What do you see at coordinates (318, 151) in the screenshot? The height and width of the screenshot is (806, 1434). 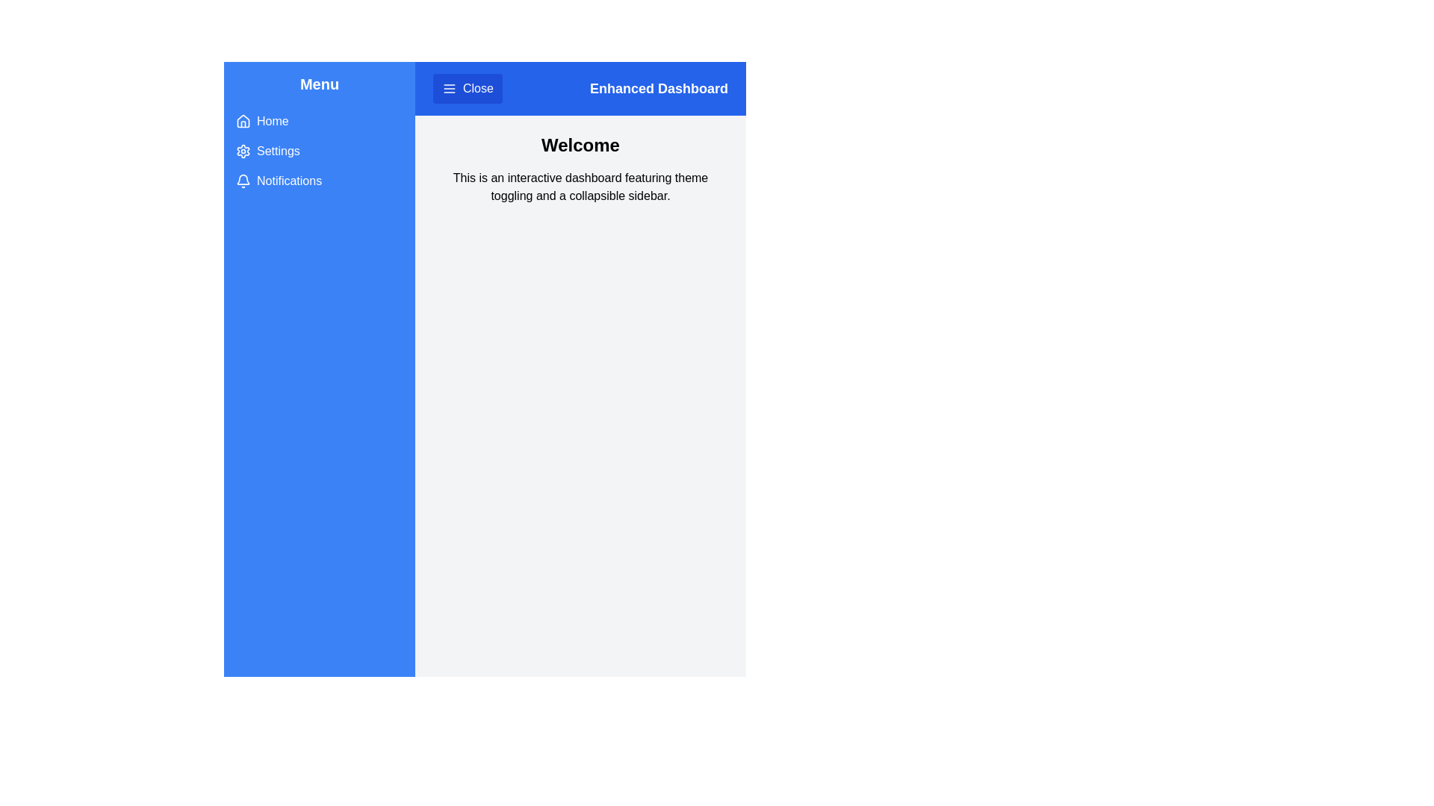 I see `the 'Settings' button in the left sidebar` at bounding box center [318, 151].